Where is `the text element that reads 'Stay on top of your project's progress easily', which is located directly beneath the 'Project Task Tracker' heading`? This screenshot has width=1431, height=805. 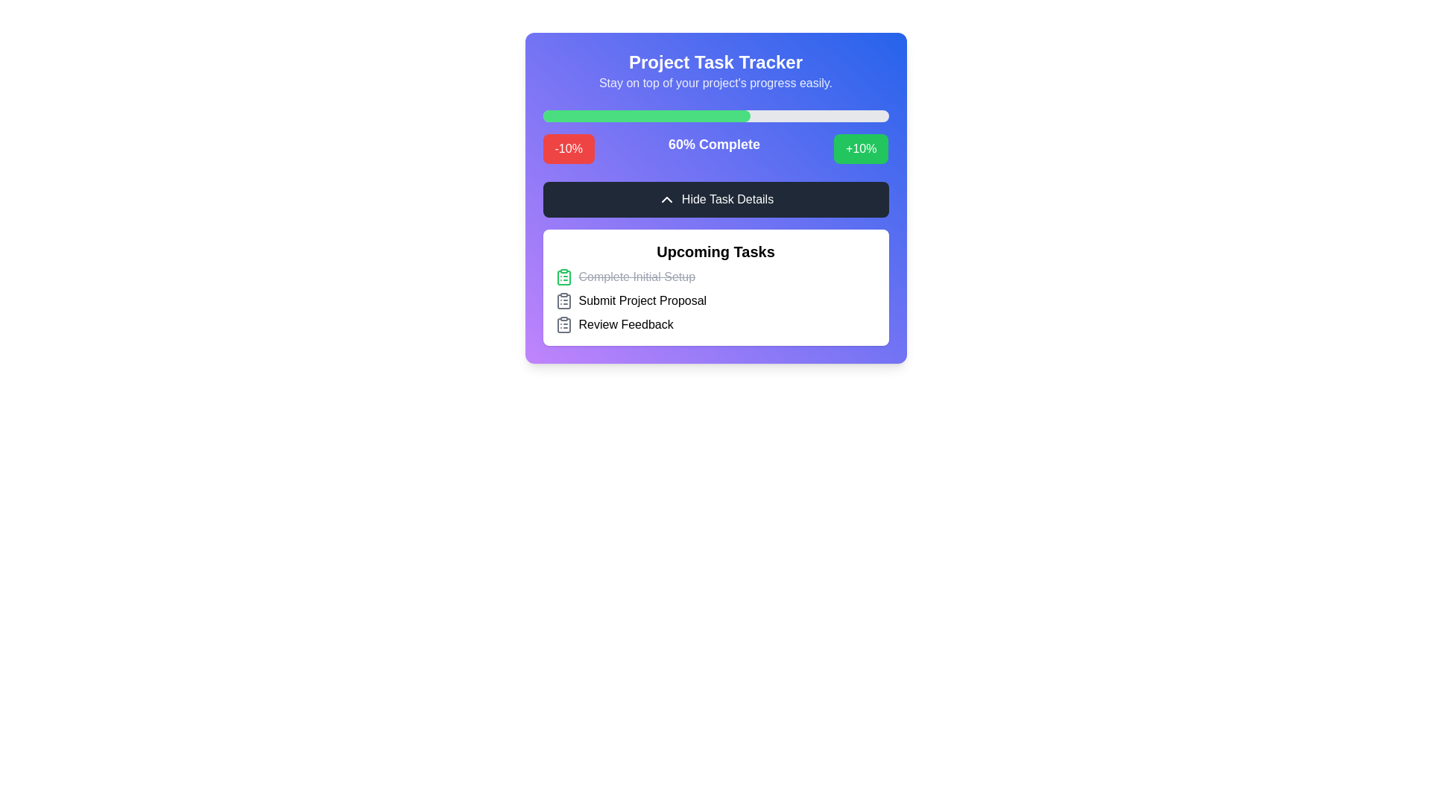
the text element that reads 'Stay on top of your project's progress easily', which is located directly beneath the 'Project Task Tracker' heading is located at coordinates (715, 83).